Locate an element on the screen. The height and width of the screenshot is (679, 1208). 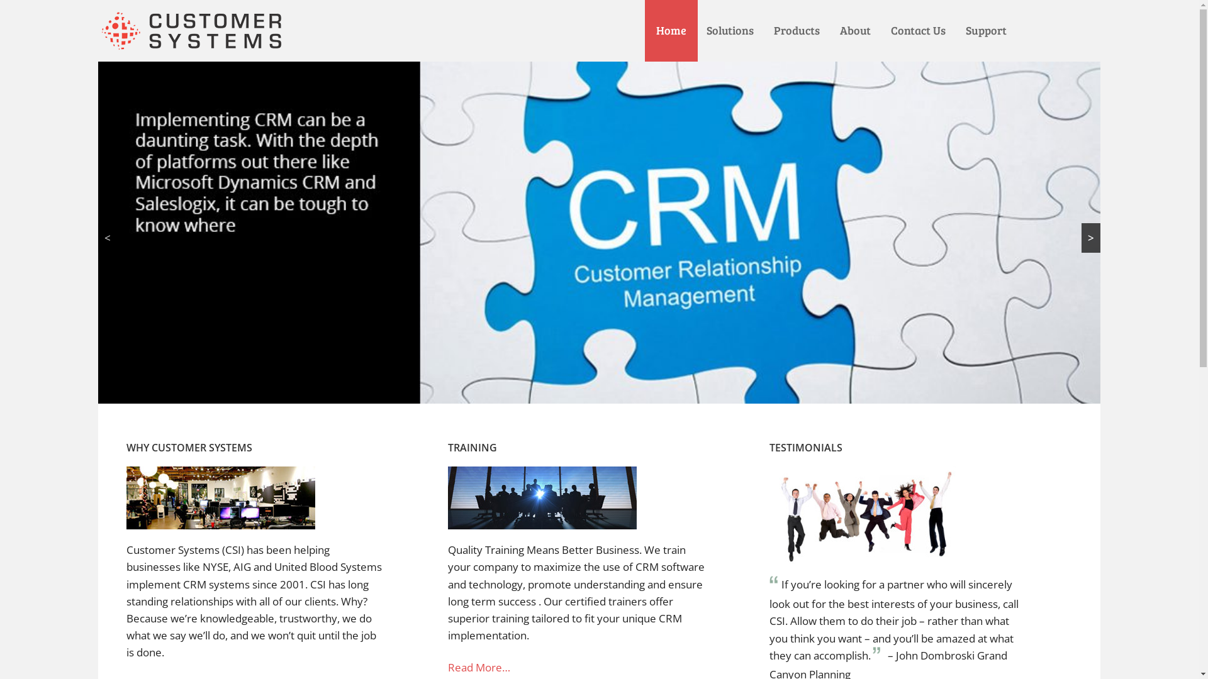
'Support' is located at coordinates (954, 30).